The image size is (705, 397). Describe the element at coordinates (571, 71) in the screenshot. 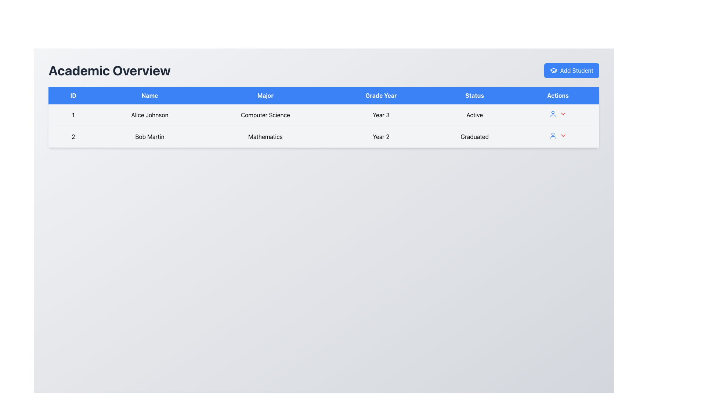

I see `the 'Add Student' button with a blue background and white text` at that location.